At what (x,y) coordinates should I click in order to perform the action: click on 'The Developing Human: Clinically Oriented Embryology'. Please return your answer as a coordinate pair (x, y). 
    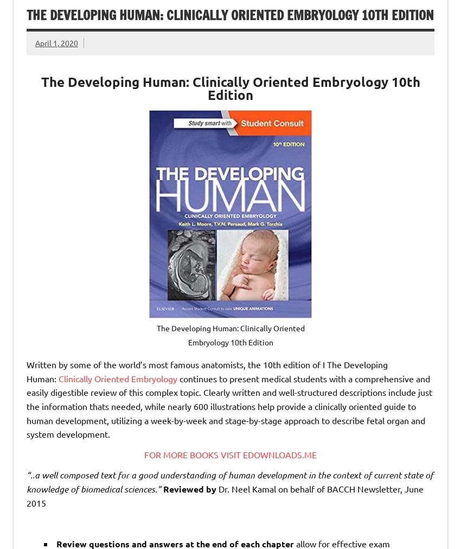
    Looking at the image, I should click on (40, 80).